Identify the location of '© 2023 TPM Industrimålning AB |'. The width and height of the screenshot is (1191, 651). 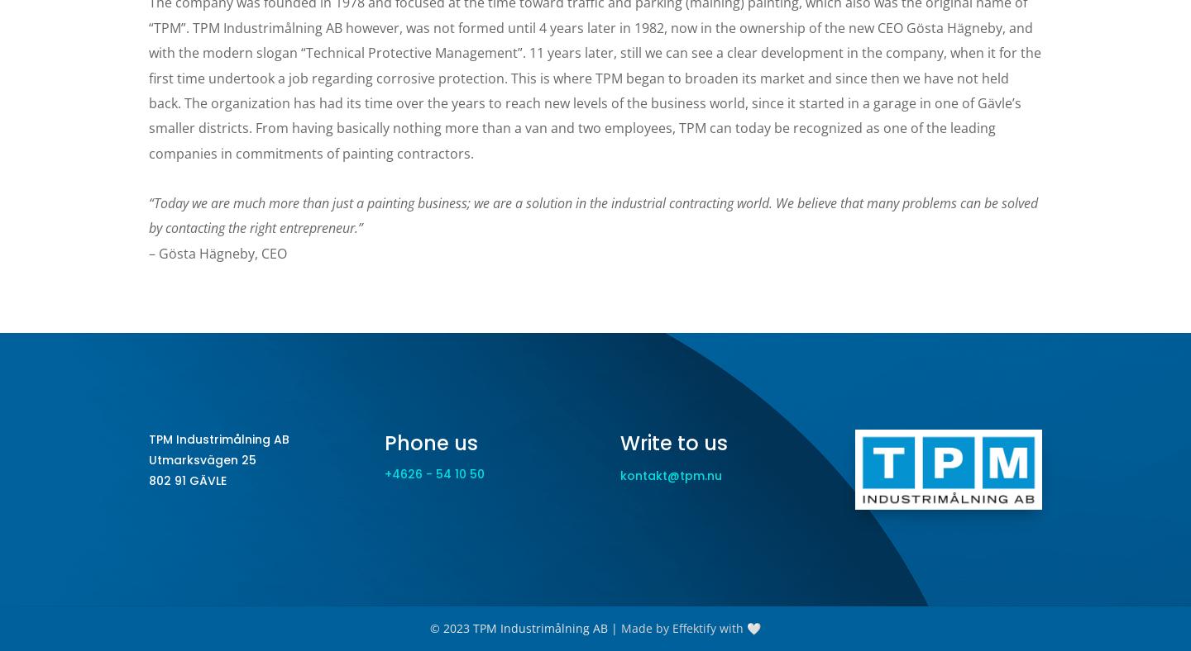
(428, 628).